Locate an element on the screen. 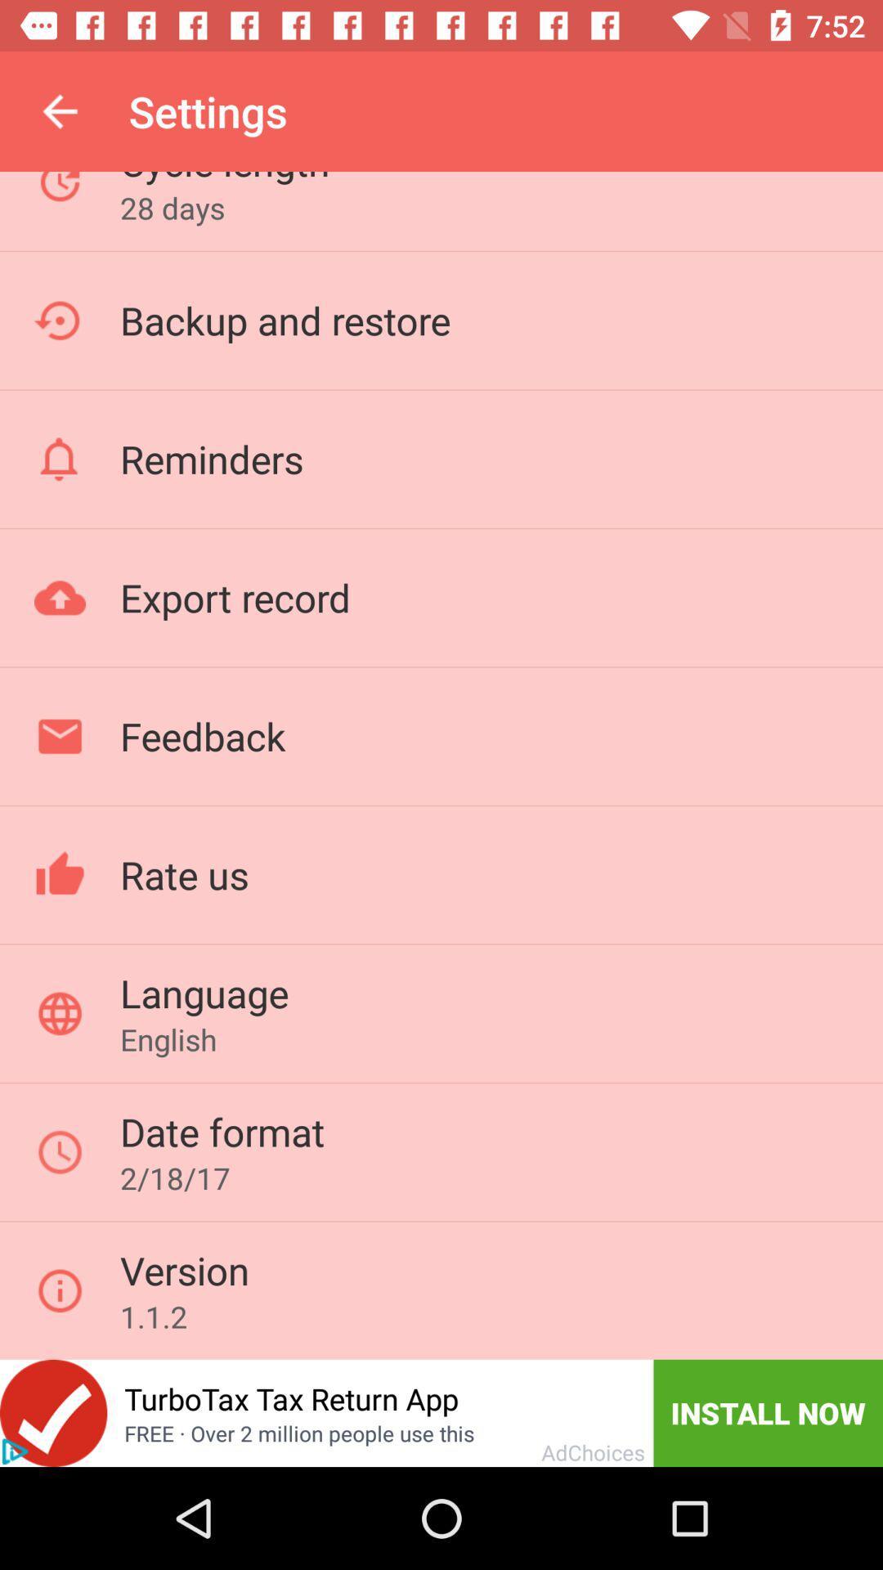 Image resolution: width=883 pixels, height=1570 pixels. install is located at coordinates (52, 1412).